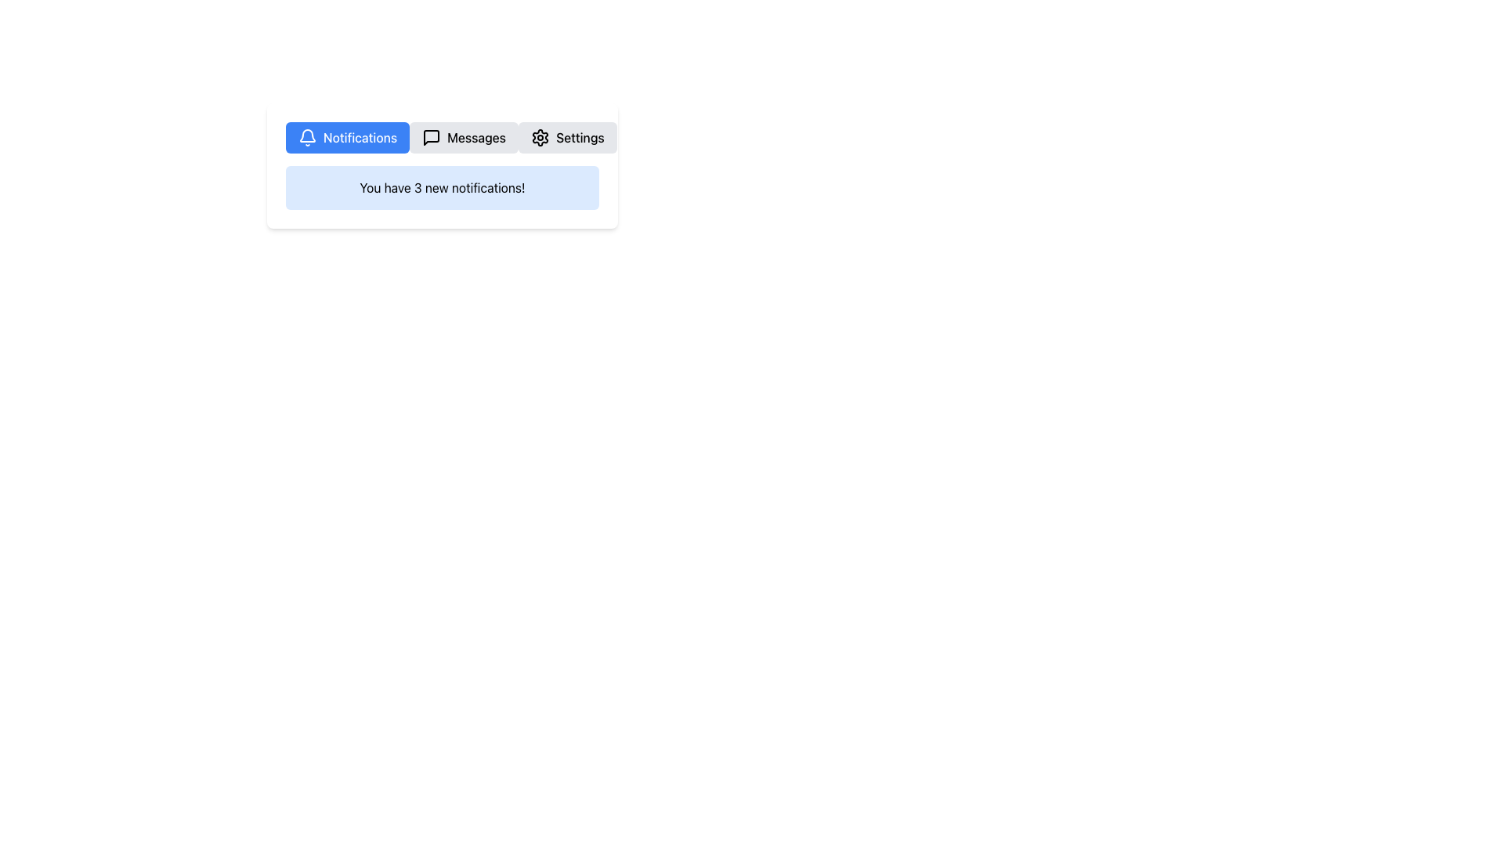  I want to click on the notification icon located in the top-left corner of the notifications area, which serves as a visual cue for updates or alerts, so click(308, 135).